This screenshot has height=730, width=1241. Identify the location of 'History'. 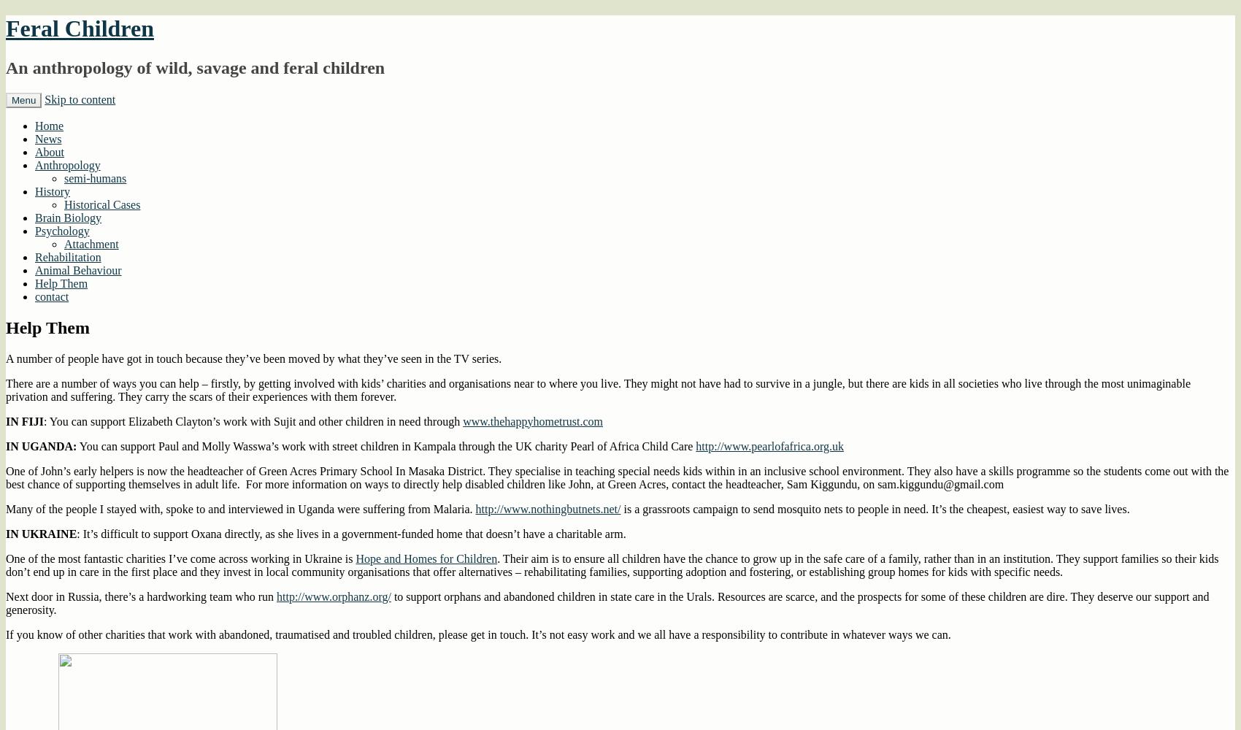
(53, 191).